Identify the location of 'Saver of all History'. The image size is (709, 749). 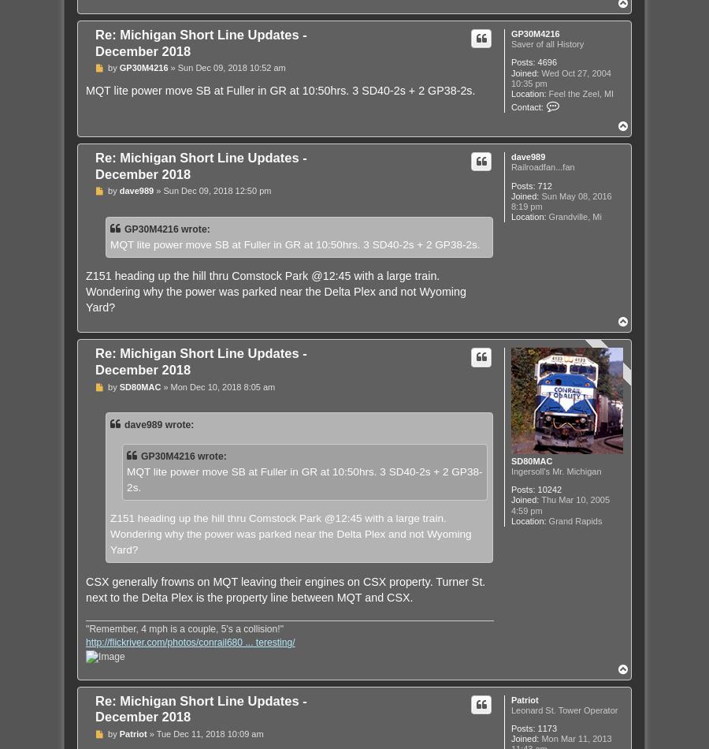
(510, 43).